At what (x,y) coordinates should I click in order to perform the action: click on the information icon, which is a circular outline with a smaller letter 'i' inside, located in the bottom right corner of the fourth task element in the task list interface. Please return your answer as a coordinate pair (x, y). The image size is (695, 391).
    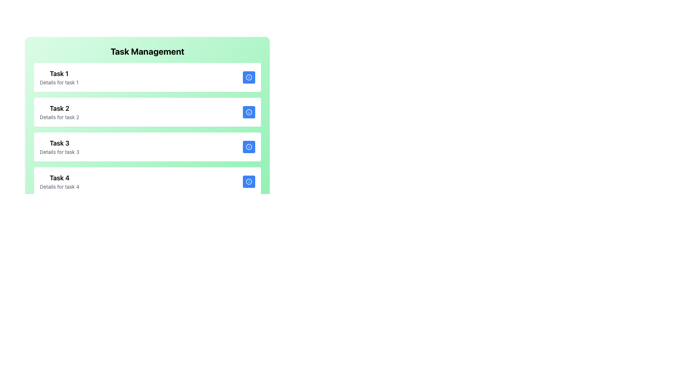
    Looking at the image, I should click on (249, 181).